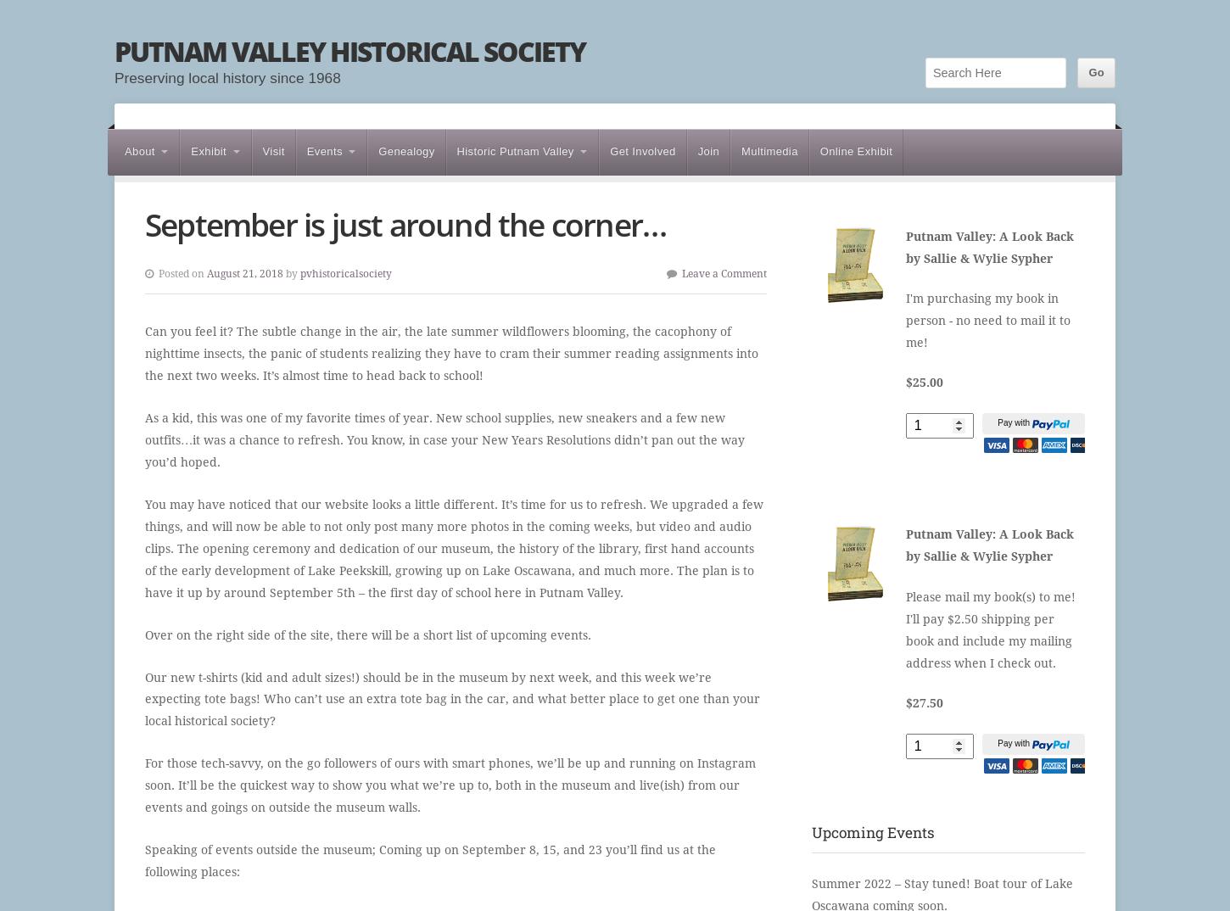 The image size is (1230, 911). I want to click on 'Putnam Valley Historical Society', so click(349, 51).